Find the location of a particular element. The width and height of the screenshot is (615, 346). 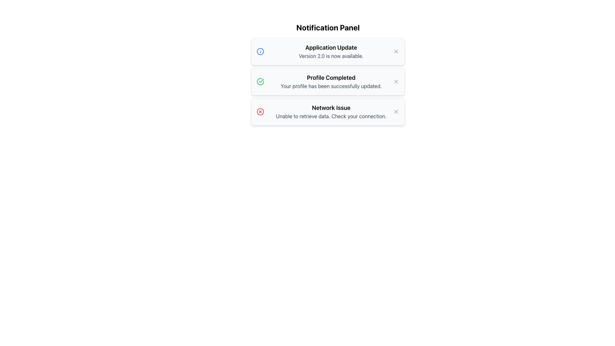

the bolded label reading 'Profile Completed' located at the top of the second notification card in the notification panel is located at coordinates (331, 78).